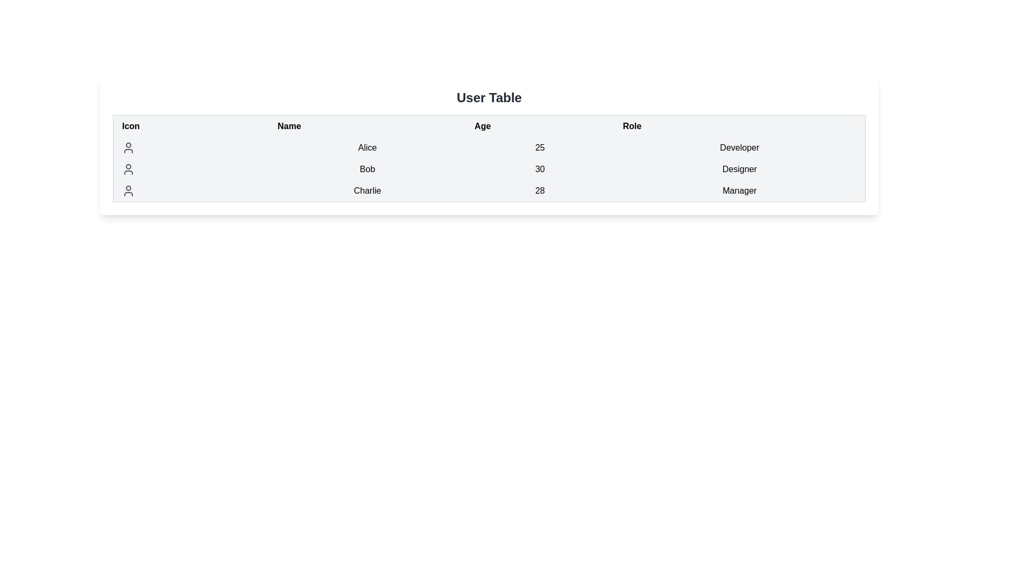  I want to click on the static text element displaying the age of 'Charlie' in the user information table, located in the third column of the third row, so click(540, 190).